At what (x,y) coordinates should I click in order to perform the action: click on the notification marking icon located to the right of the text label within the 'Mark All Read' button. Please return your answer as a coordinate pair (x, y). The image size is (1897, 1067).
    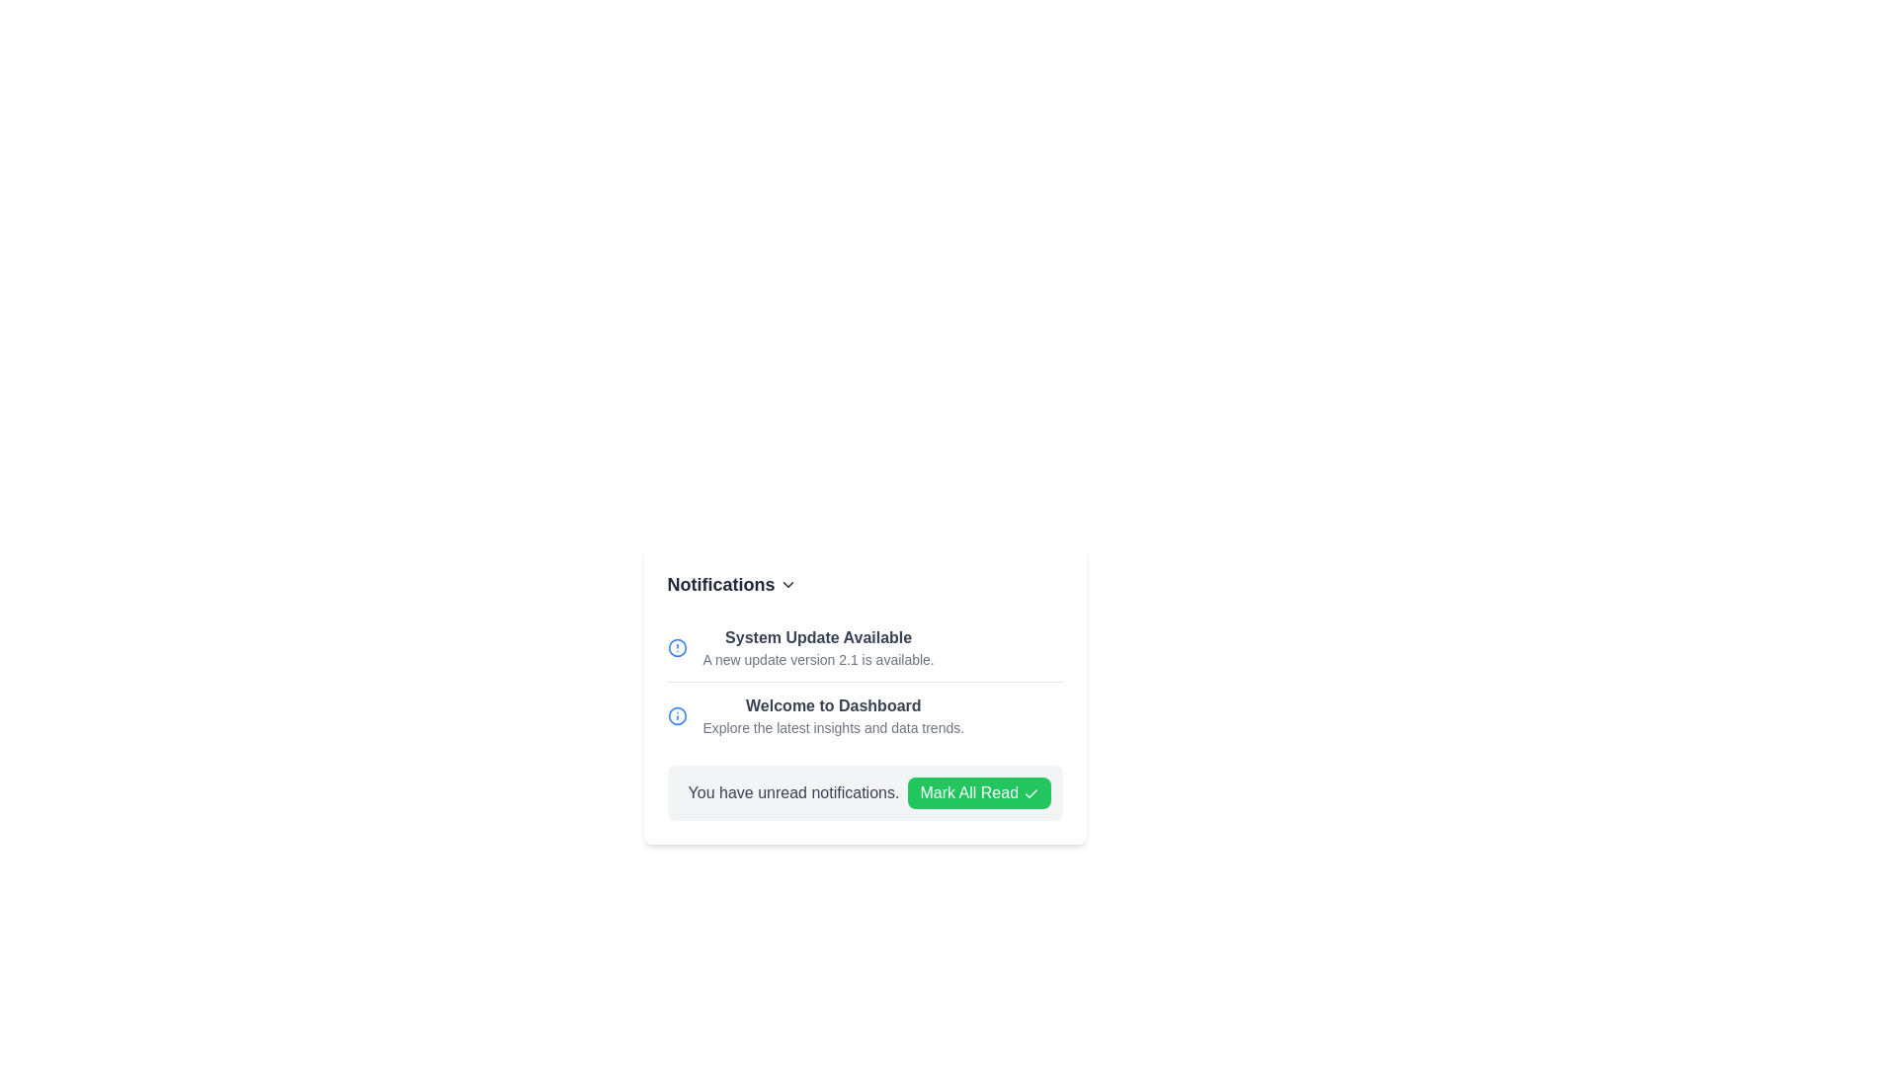
    Looking at the image, I should click on (1030, 792).